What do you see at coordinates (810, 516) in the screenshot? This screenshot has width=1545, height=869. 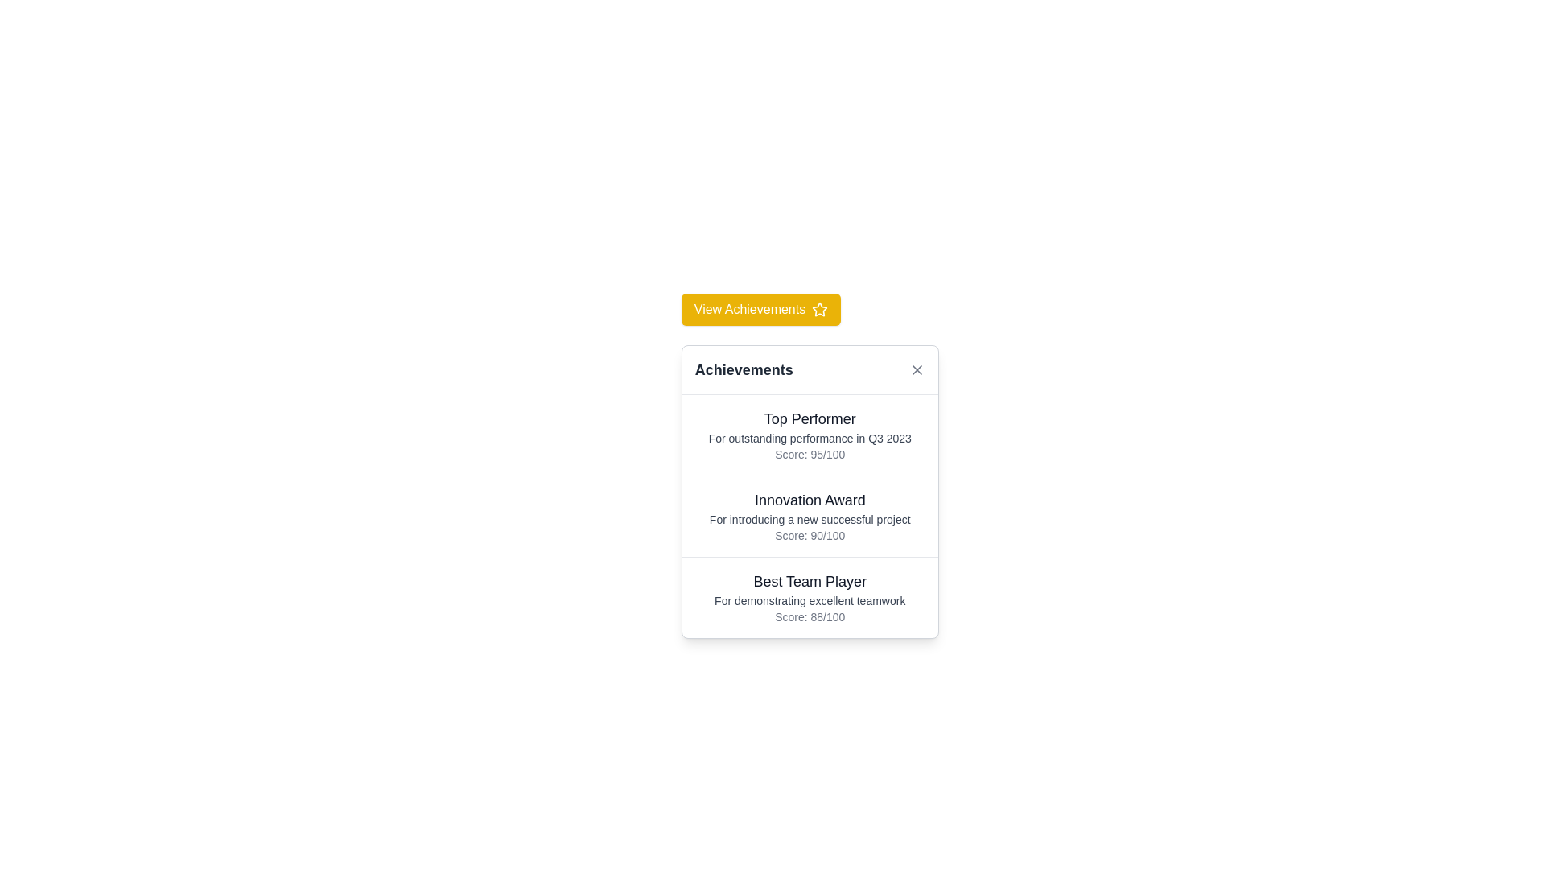 I see `the second list item in the 'Achievements' modal, which contains the title 'Innovation Award', a subtitle about a new project, and a score of '90/100'` at bounding box center [810, 516].